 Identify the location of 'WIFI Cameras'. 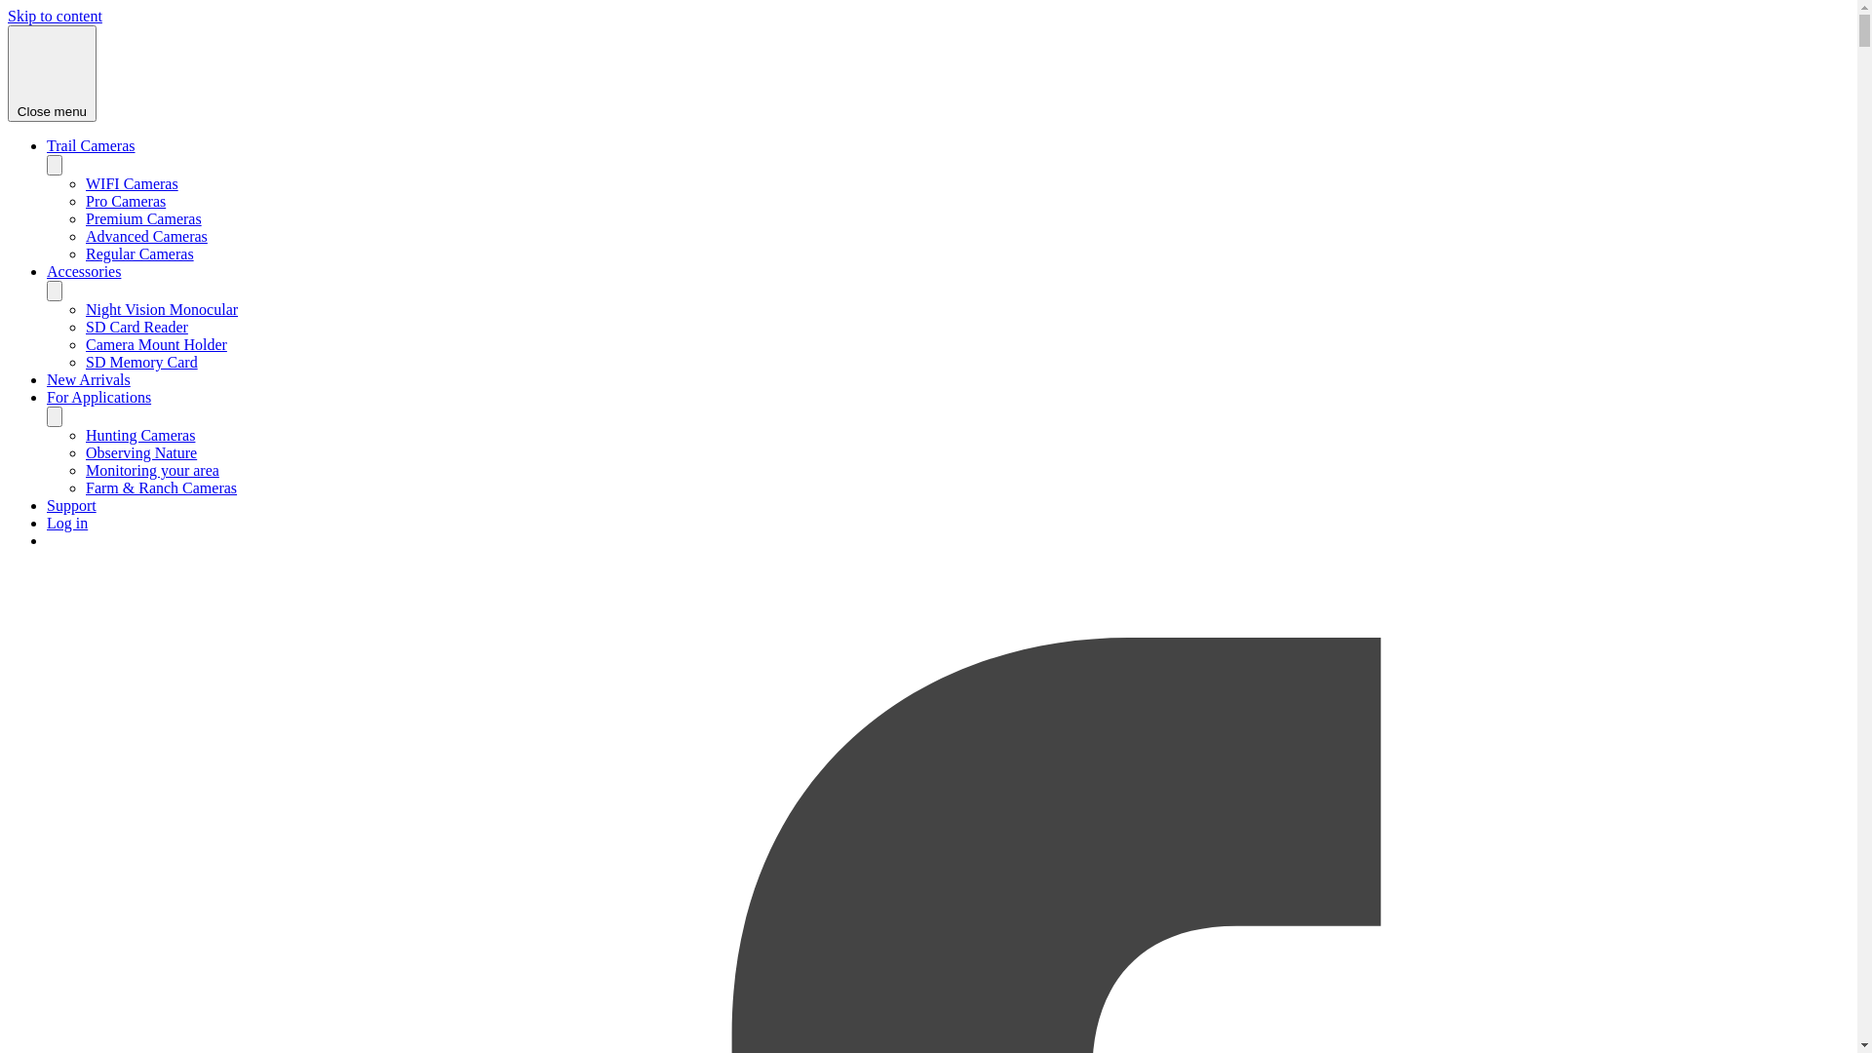
(131, 183).